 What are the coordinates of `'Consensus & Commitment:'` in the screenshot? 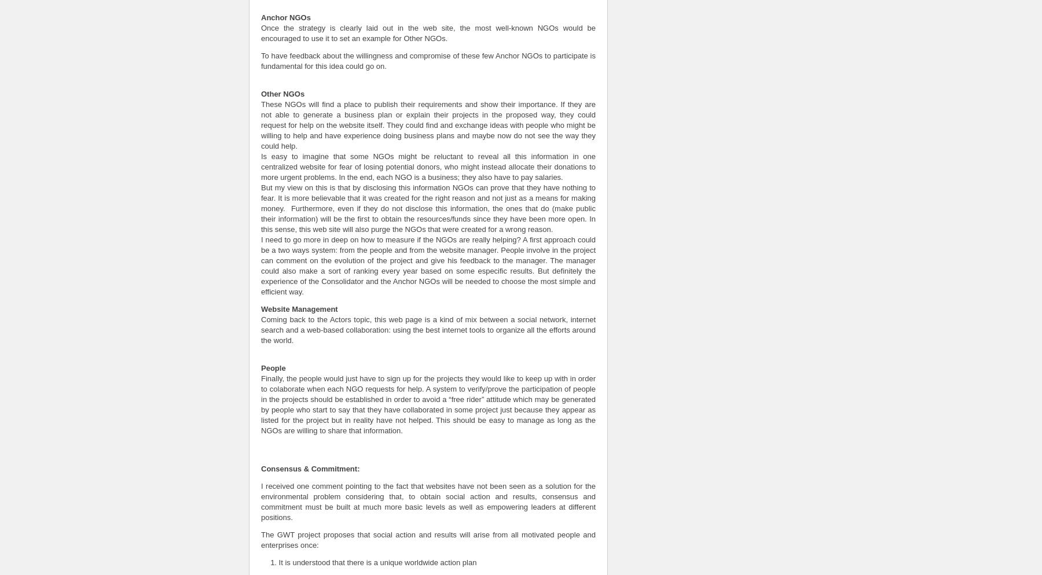 It's located at (260, 468).